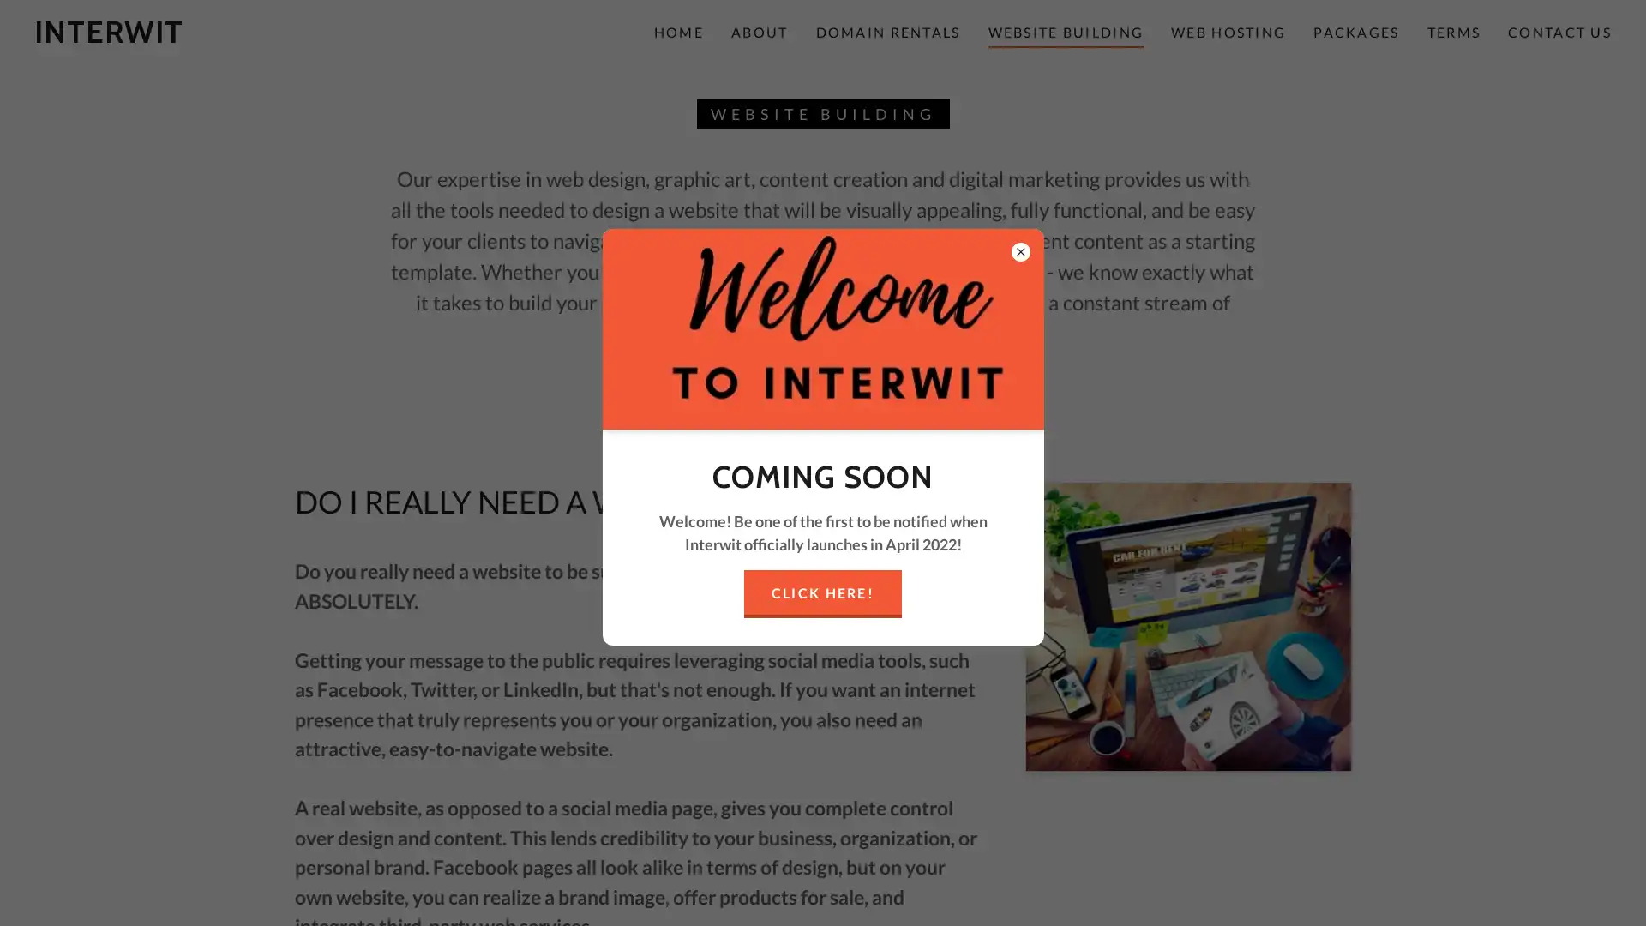 The image size is (1646, 926). I want to click on Chat widget toggle, so click(1601, 882).